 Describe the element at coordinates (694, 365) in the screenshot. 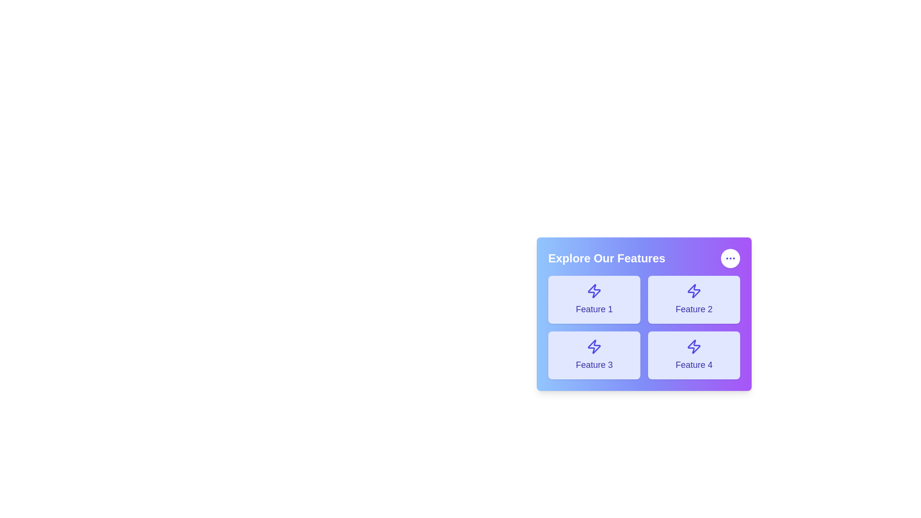

I see `text displayed by the Text label located in the bottom right quadrant of the grid within the card, positioned below the second column of the grid's top row, next to the lightning-shaped icon` at that location.